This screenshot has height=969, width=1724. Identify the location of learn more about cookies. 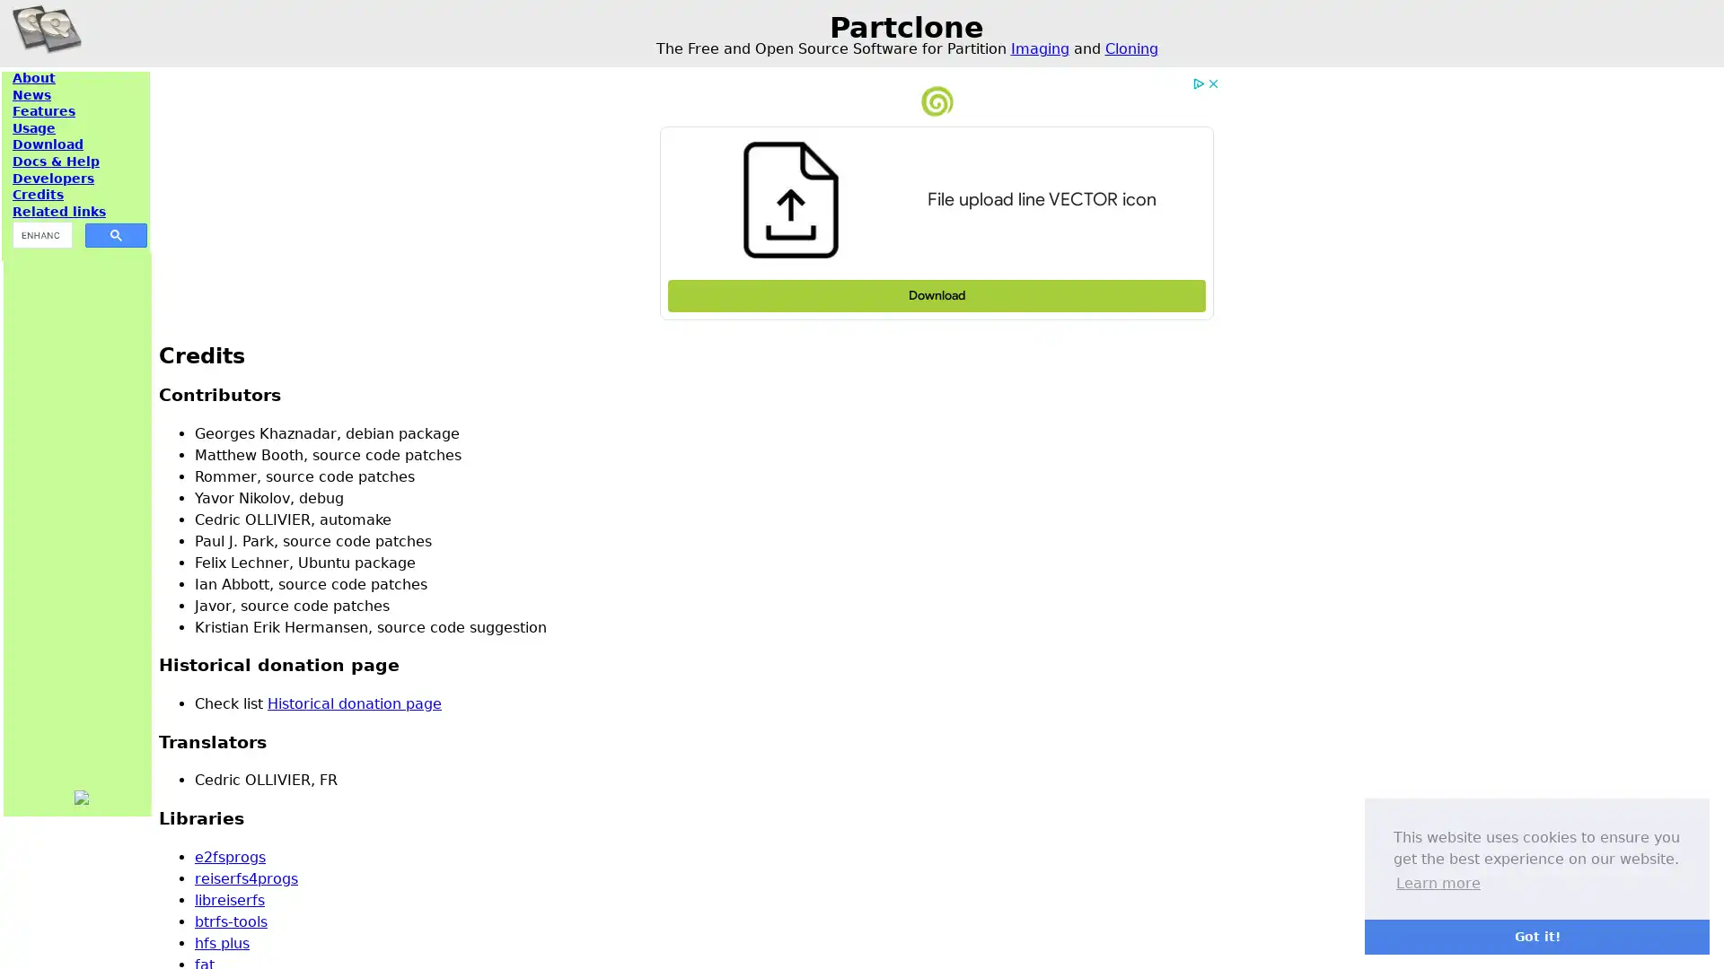
(1438, 882).